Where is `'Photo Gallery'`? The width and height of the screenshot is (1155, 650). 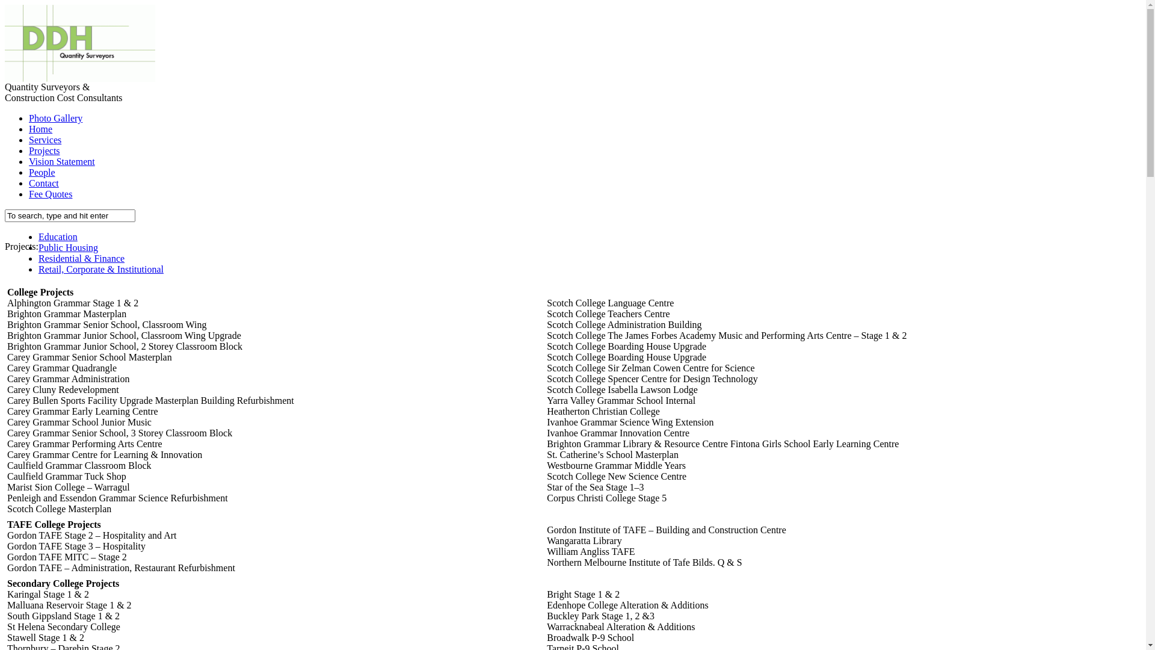 'Photo Gallery' is located at coordinates (55, 118).